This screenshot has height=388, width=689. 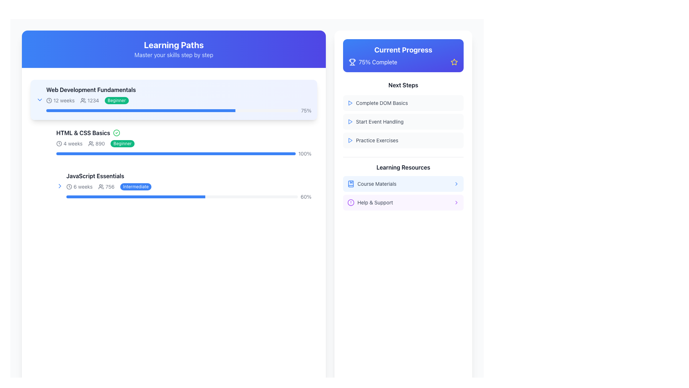 What do you see at coordinates (136, 186) in the screenshot?
I see `the difficulty level indicator label for the 'JavaScript Essentials' course, which is located to the right of the numerical value '756'` at bounding box center [136, 186].